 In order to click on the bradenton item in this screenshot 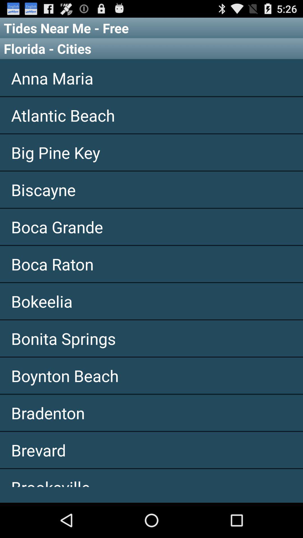, I will do `click(151, 413)`.